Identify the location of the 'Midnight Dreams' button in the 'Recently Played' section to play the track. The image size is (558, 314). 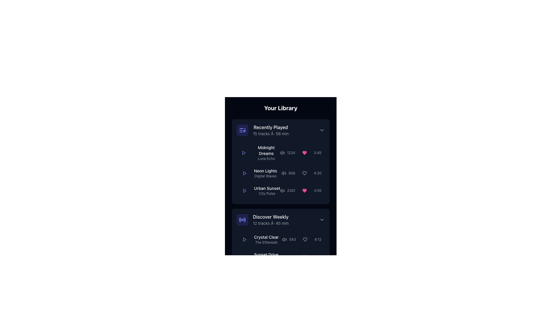
(280, 152).